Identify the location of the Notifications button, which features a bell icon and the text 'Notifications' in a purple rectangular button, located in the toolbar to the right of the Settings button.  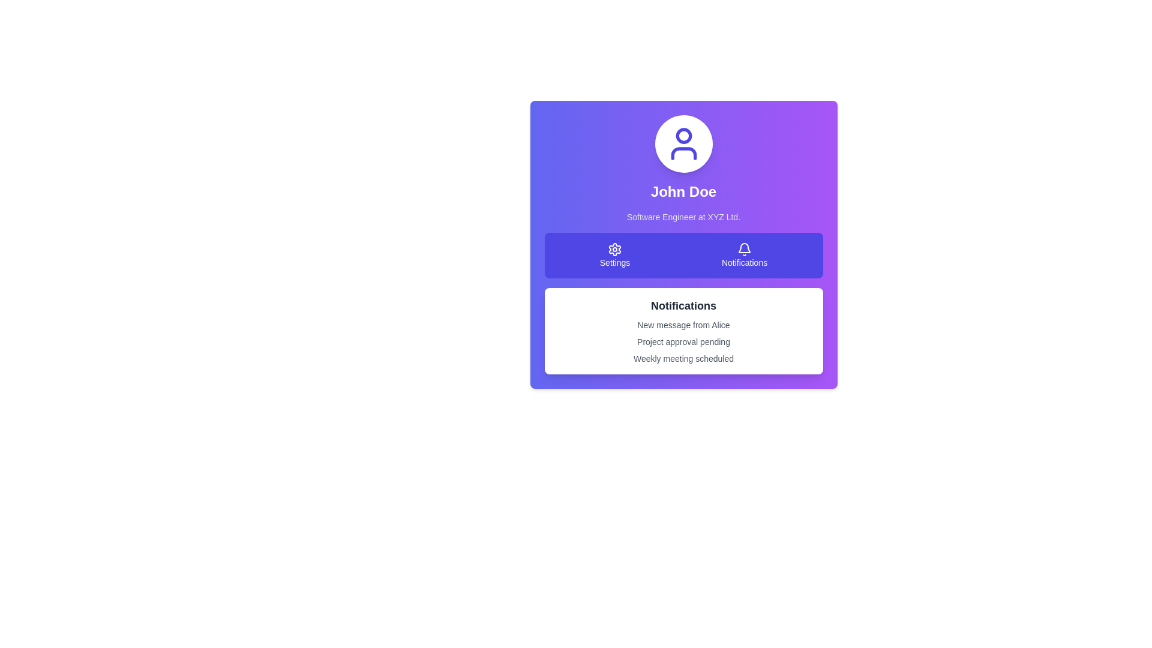
(744, 254).